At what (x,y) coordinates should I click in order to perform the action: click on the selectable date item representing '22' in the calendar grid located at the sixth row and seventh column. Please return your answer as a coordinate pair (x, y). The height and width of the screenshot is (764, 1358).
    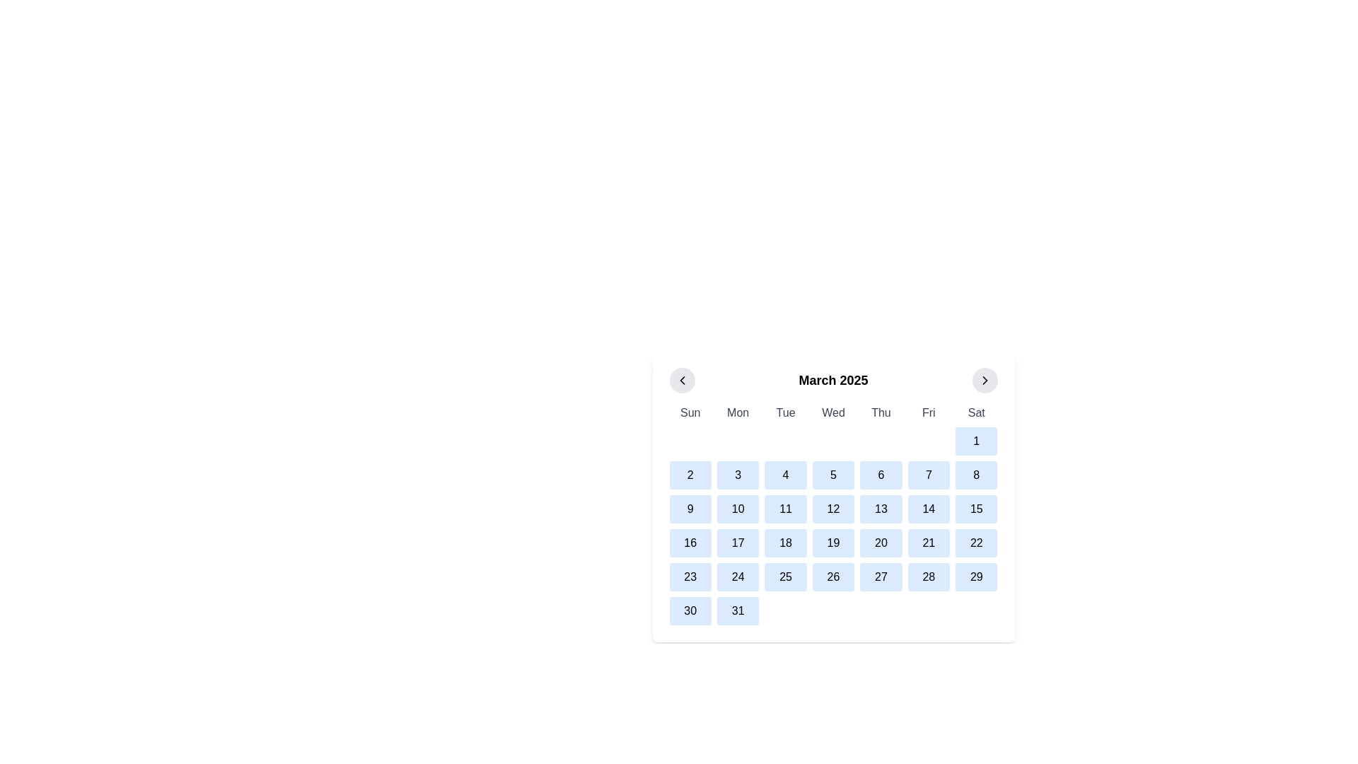
    Looking at the image, I should click on (975, 542).